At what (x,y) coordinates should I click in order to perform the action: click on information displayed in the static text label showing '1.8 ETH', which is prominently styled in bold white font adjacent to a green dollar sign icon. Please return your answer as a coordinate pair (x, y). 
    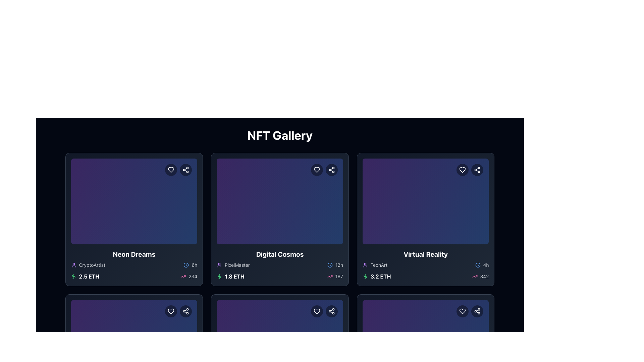
    Looking at the image, I should click on (234, 277).